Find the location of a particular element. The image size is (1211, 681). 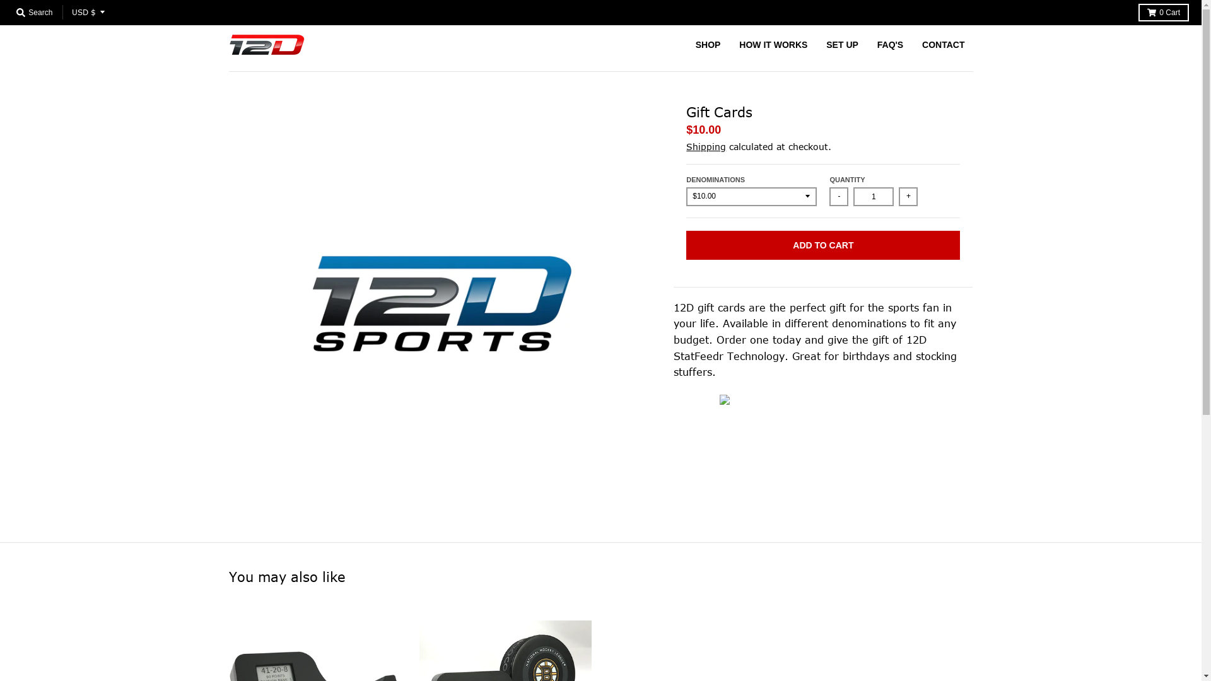

'-' is located at coordinates (829, 197).